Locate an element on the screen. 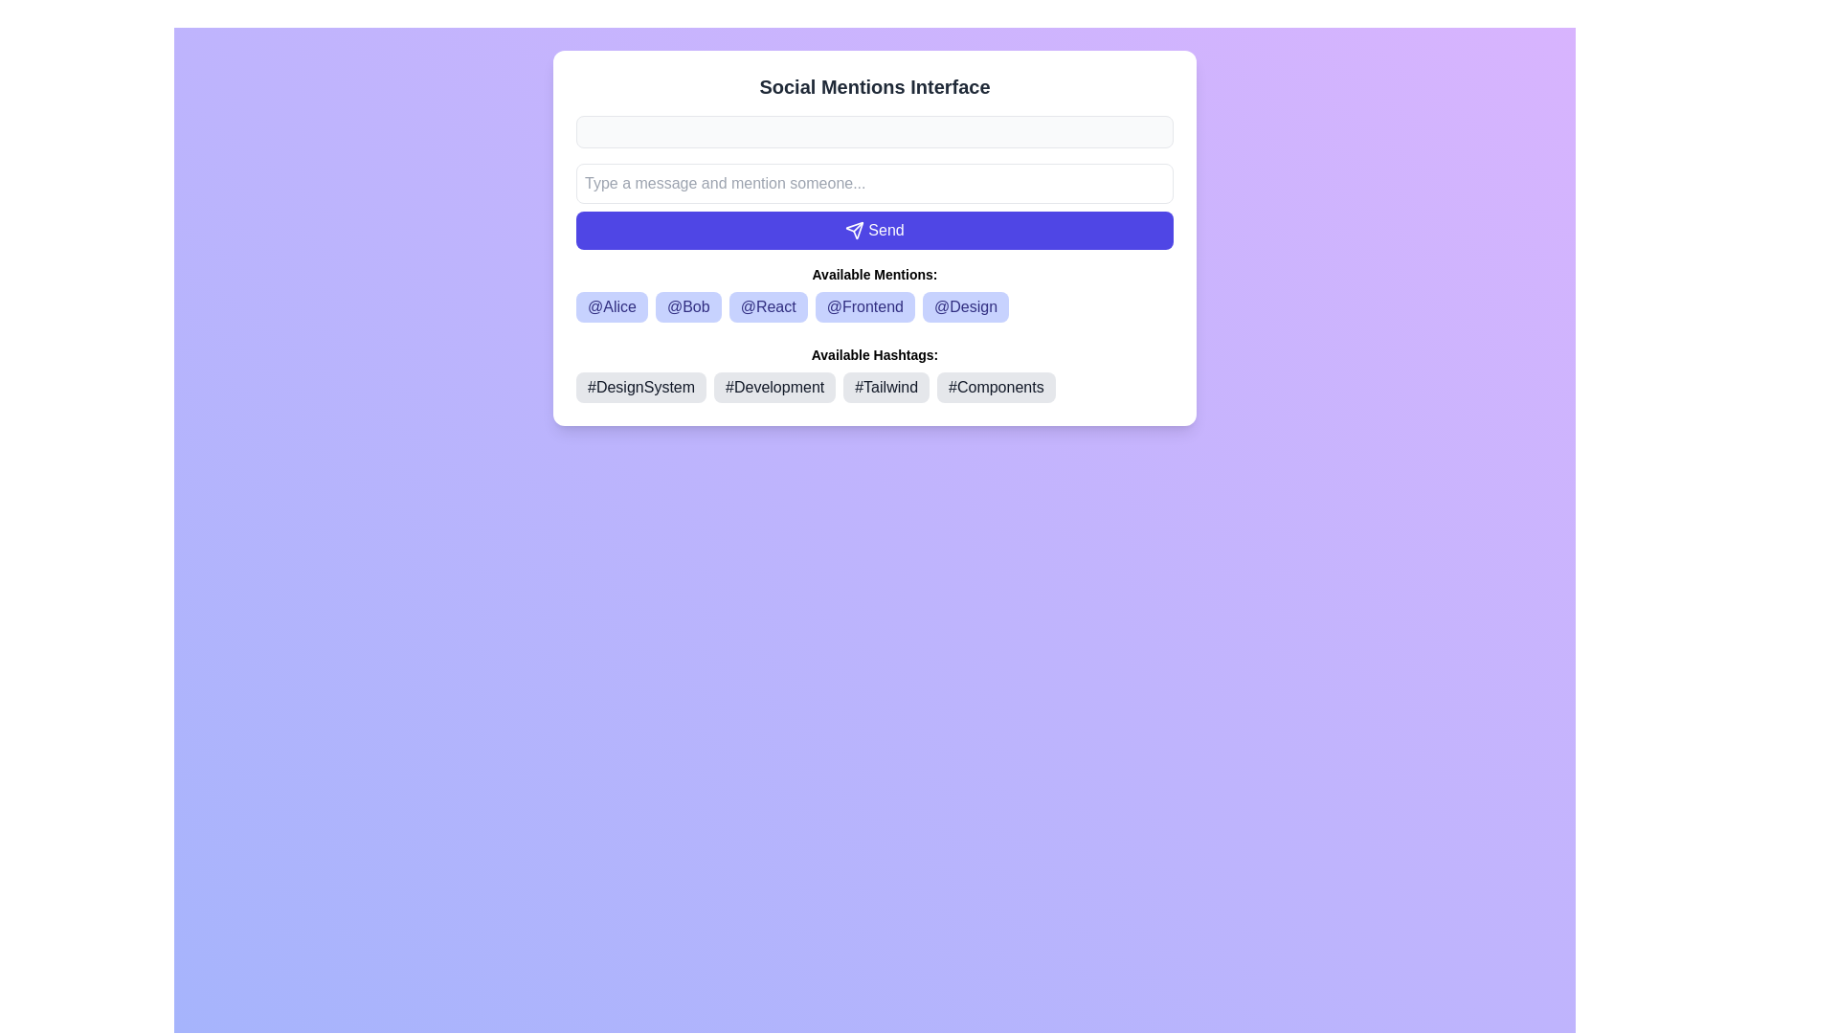  the second tag button labeled '#Development' is located at coordinates (774, 388).